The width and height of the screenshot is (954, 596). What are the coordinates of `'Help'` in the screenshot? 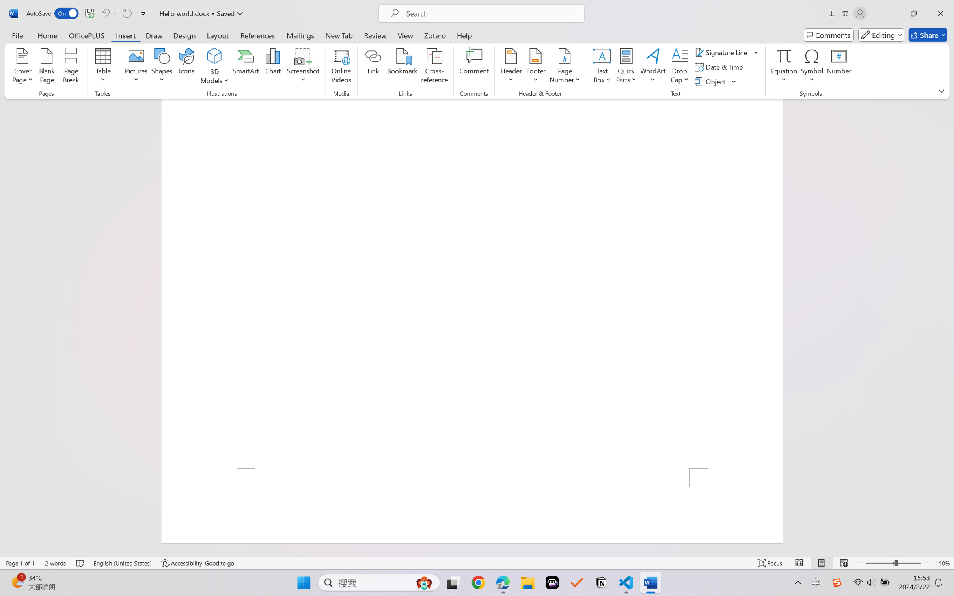 It's located at (464, 35).